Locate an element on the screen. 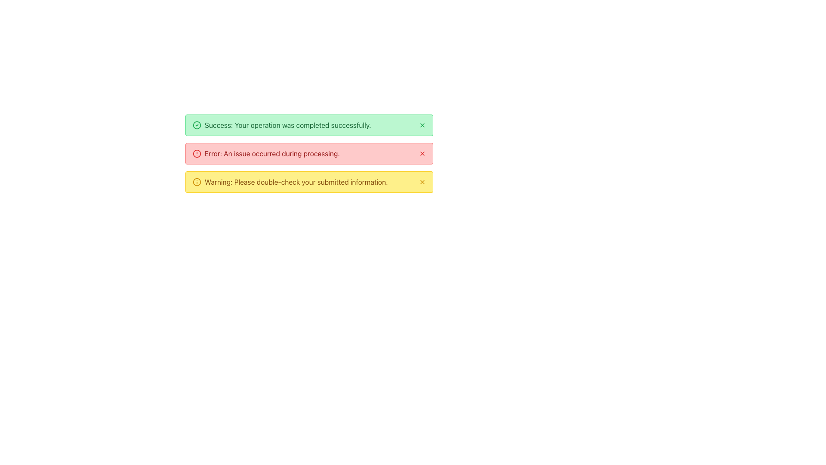 This screenshot has width=826, height=465. the close button labeled 'X' on the far-right side of the red notification bar that indicates an error occurred during processing is located at coordinates (422, 153).